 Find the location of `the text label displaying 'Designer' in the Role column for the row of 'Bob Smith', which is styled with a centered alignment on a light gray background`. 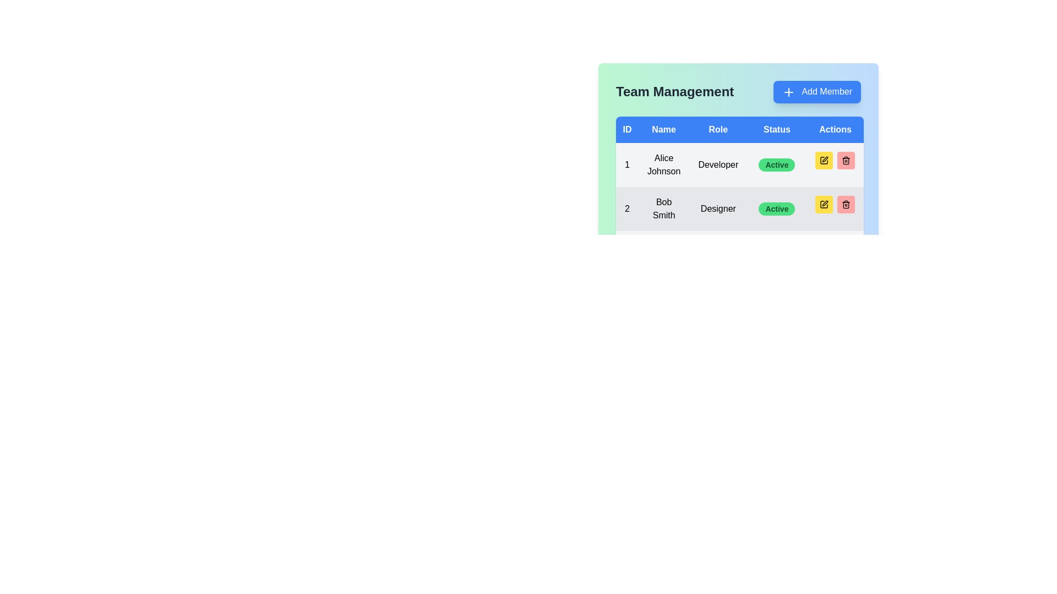

the text label displaying 'Designer' in the Role column for the row of 'Bob Smith', which is styled with a centered alignment on a light gray background is located at coordinates (718, 208).